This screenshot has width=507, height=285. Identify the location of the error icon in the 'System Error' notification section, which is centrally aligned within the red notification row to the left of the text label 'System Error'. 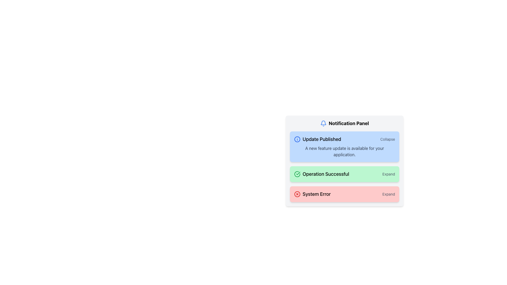
(297, 194).